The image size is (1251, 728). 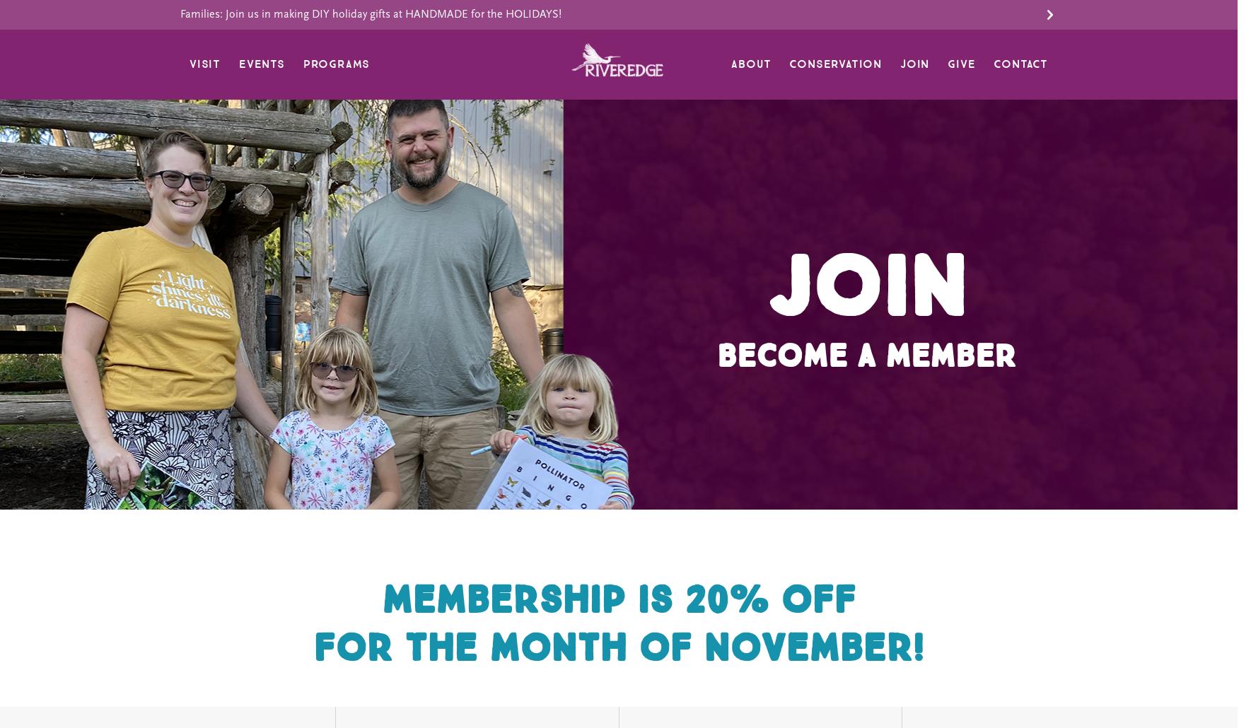 What do you see at coordinates (865, 356) in the screenshot?
I see `'Become a member'` at bounding box center [865, 356].